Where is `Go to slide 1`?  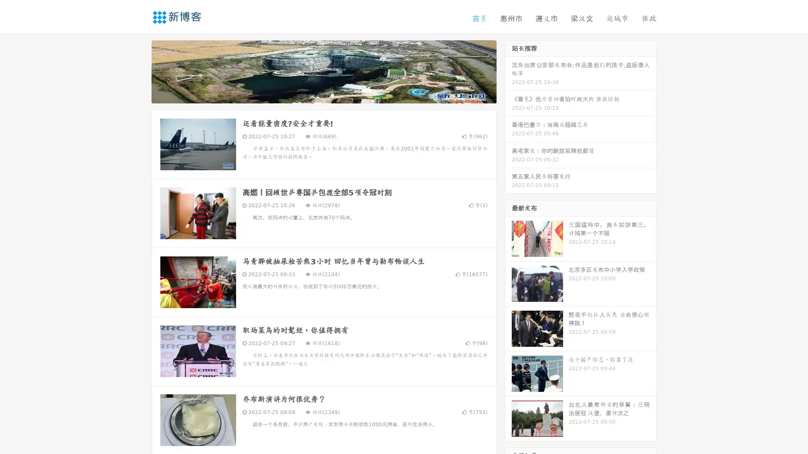
Go to slide 1 is located at coordinates (315, 95).